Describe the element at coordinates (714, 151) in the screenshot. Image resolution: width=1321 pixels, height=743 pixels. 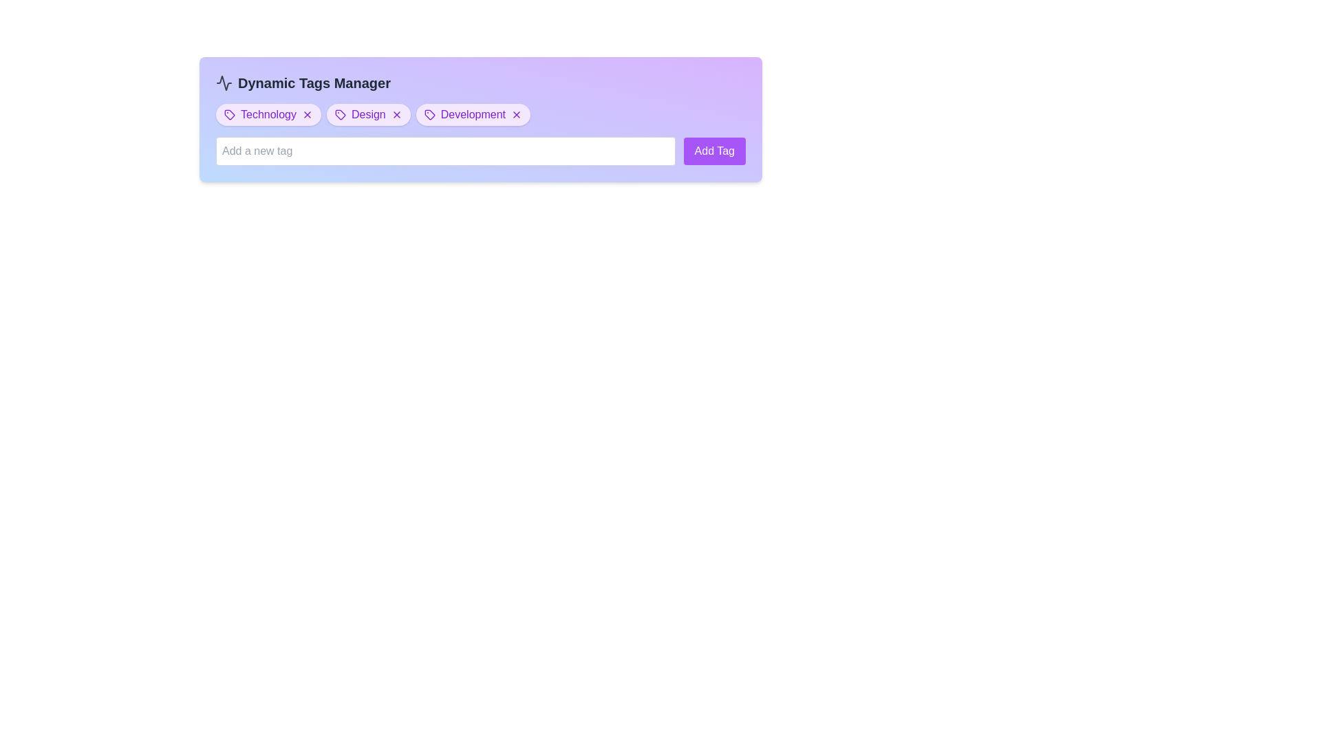
I see `the 'Add Tag' button located on the right-hand side of the input field` at that location.